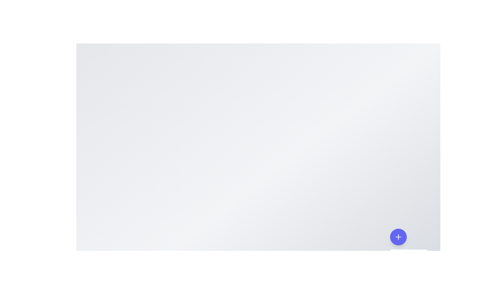 This screenshot has height=281, width=500. I want to click on the toggle button to toggle the visibility of the speed dial menu, so click(398, 237).